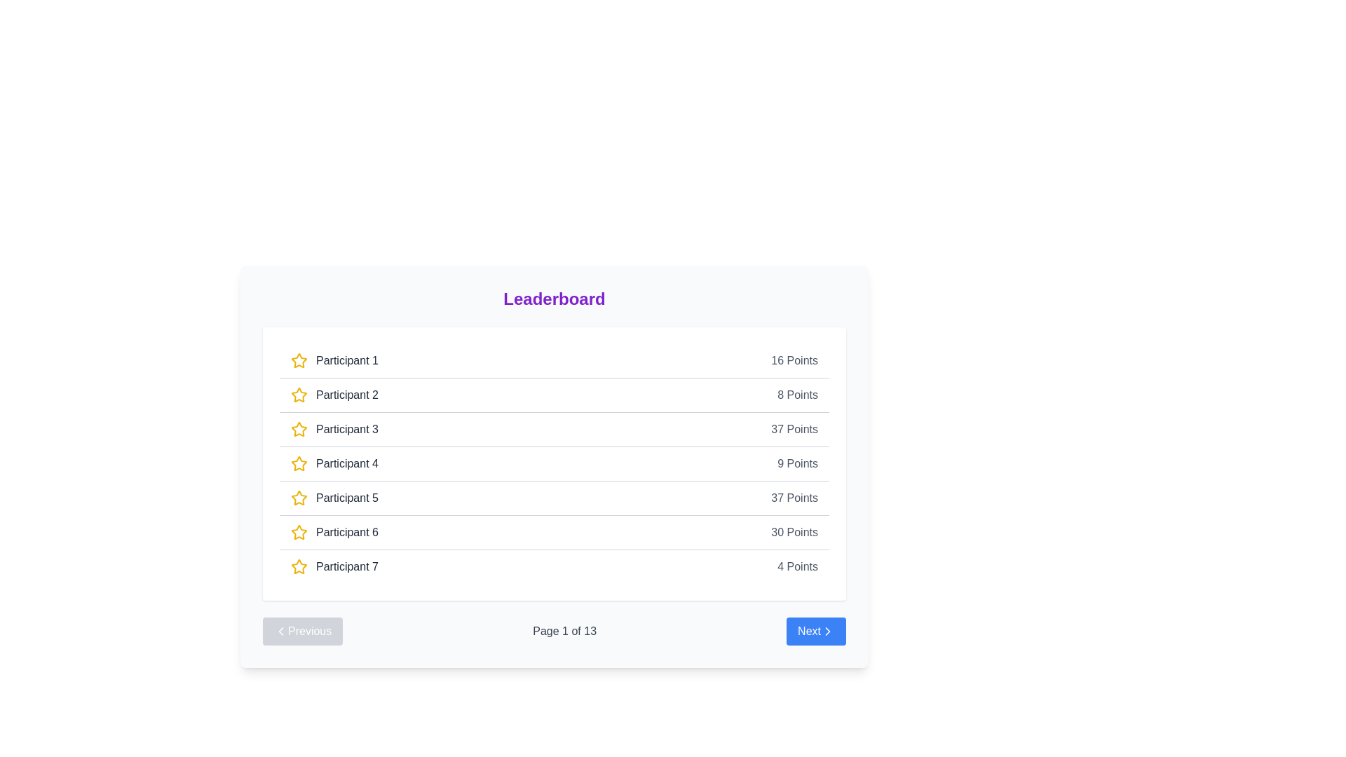  What do you see at coordinates (816, 632) in the screenshot?
I see `the rightmost 'Next' button in the navigation bar at the bottom of the leaderboard interface` at bounding box center [816, 632].